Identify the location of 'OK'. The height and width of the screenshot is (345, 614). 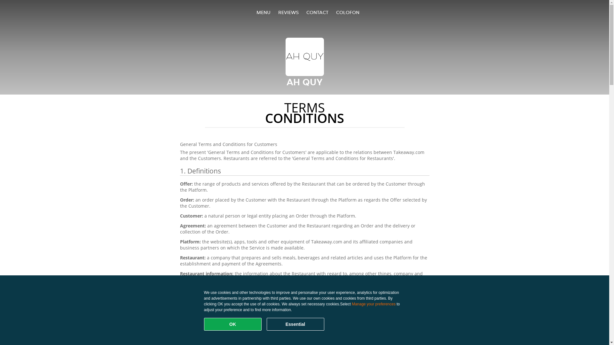
(232, 324).